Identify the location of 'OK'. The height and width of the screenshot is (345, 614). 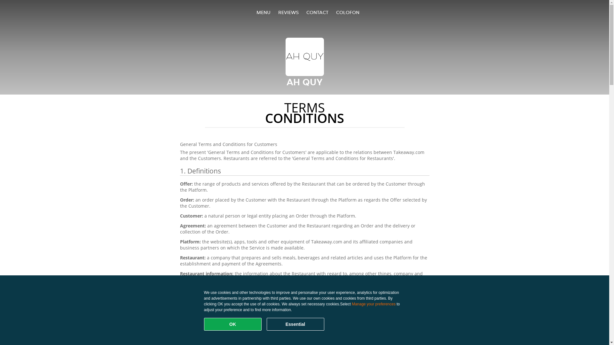
(232, 324).